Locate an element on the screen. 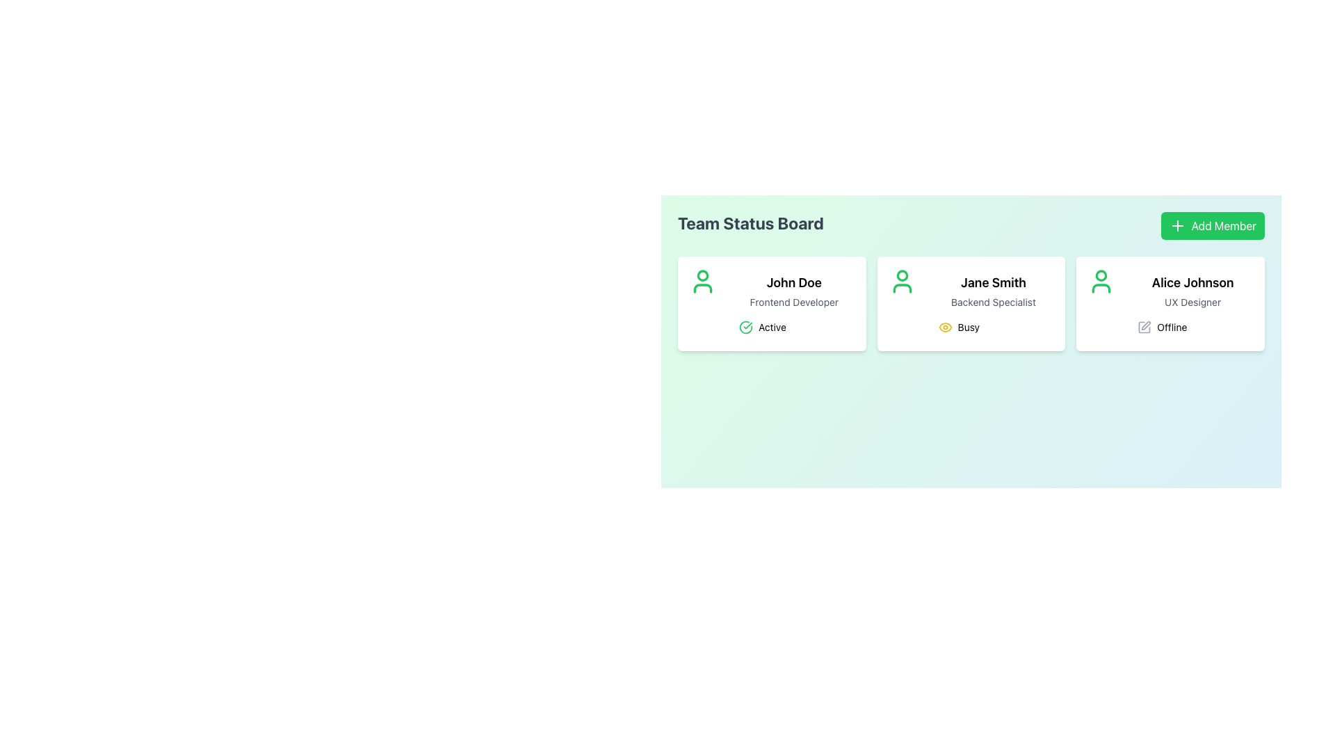 This screenshot has width=1335, height=751. the information card displaying 'Jane Smith', 'Backend Specialist', and 'Busy', which is the second card in a three-column grid layout is located at coordinates (970, 302).